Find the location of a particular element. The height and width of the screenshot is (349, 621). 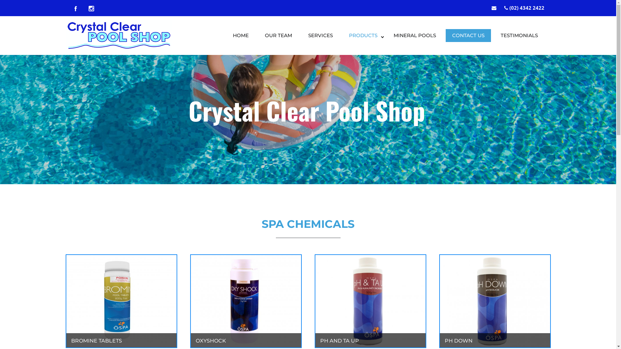

'OXYSHOCK' is located at coordinates (211, 340).